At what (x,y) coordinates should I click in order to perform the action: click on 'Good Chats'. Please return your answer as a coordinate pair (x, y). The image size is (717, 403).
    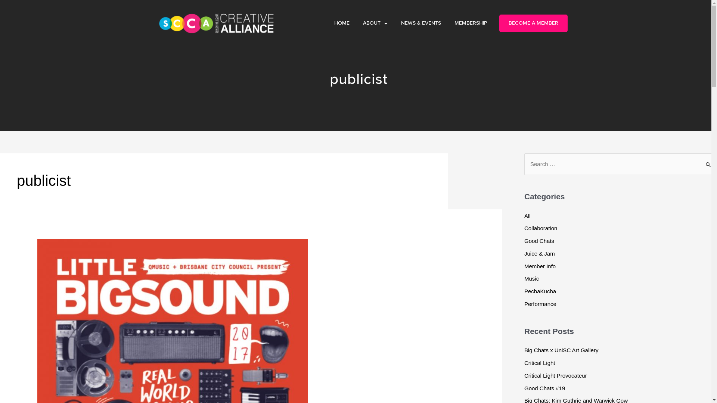
    Looking at the image, I should click on (539, 241).